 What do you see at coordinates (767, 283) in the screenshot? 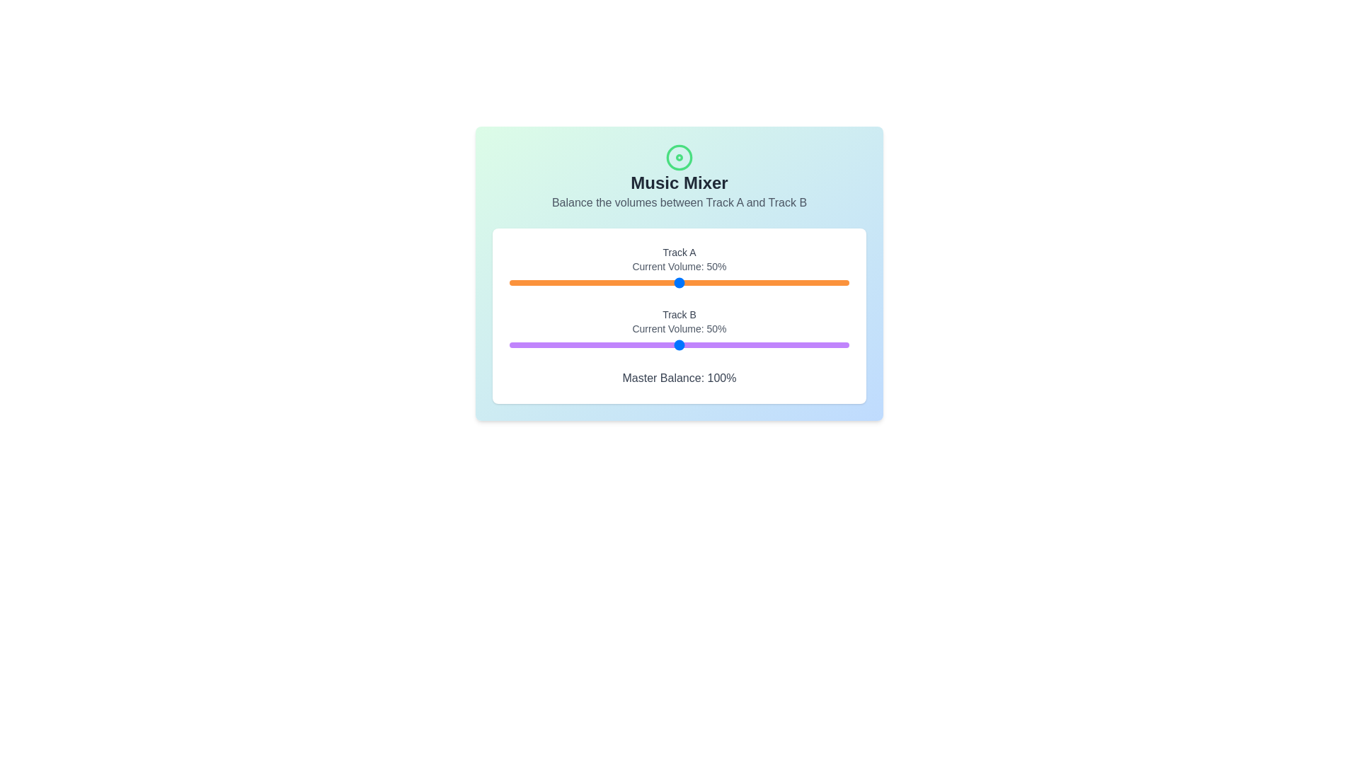
I see `the volume for Track A to 76% by interacting with the slider` at bounding box center [767, 283].